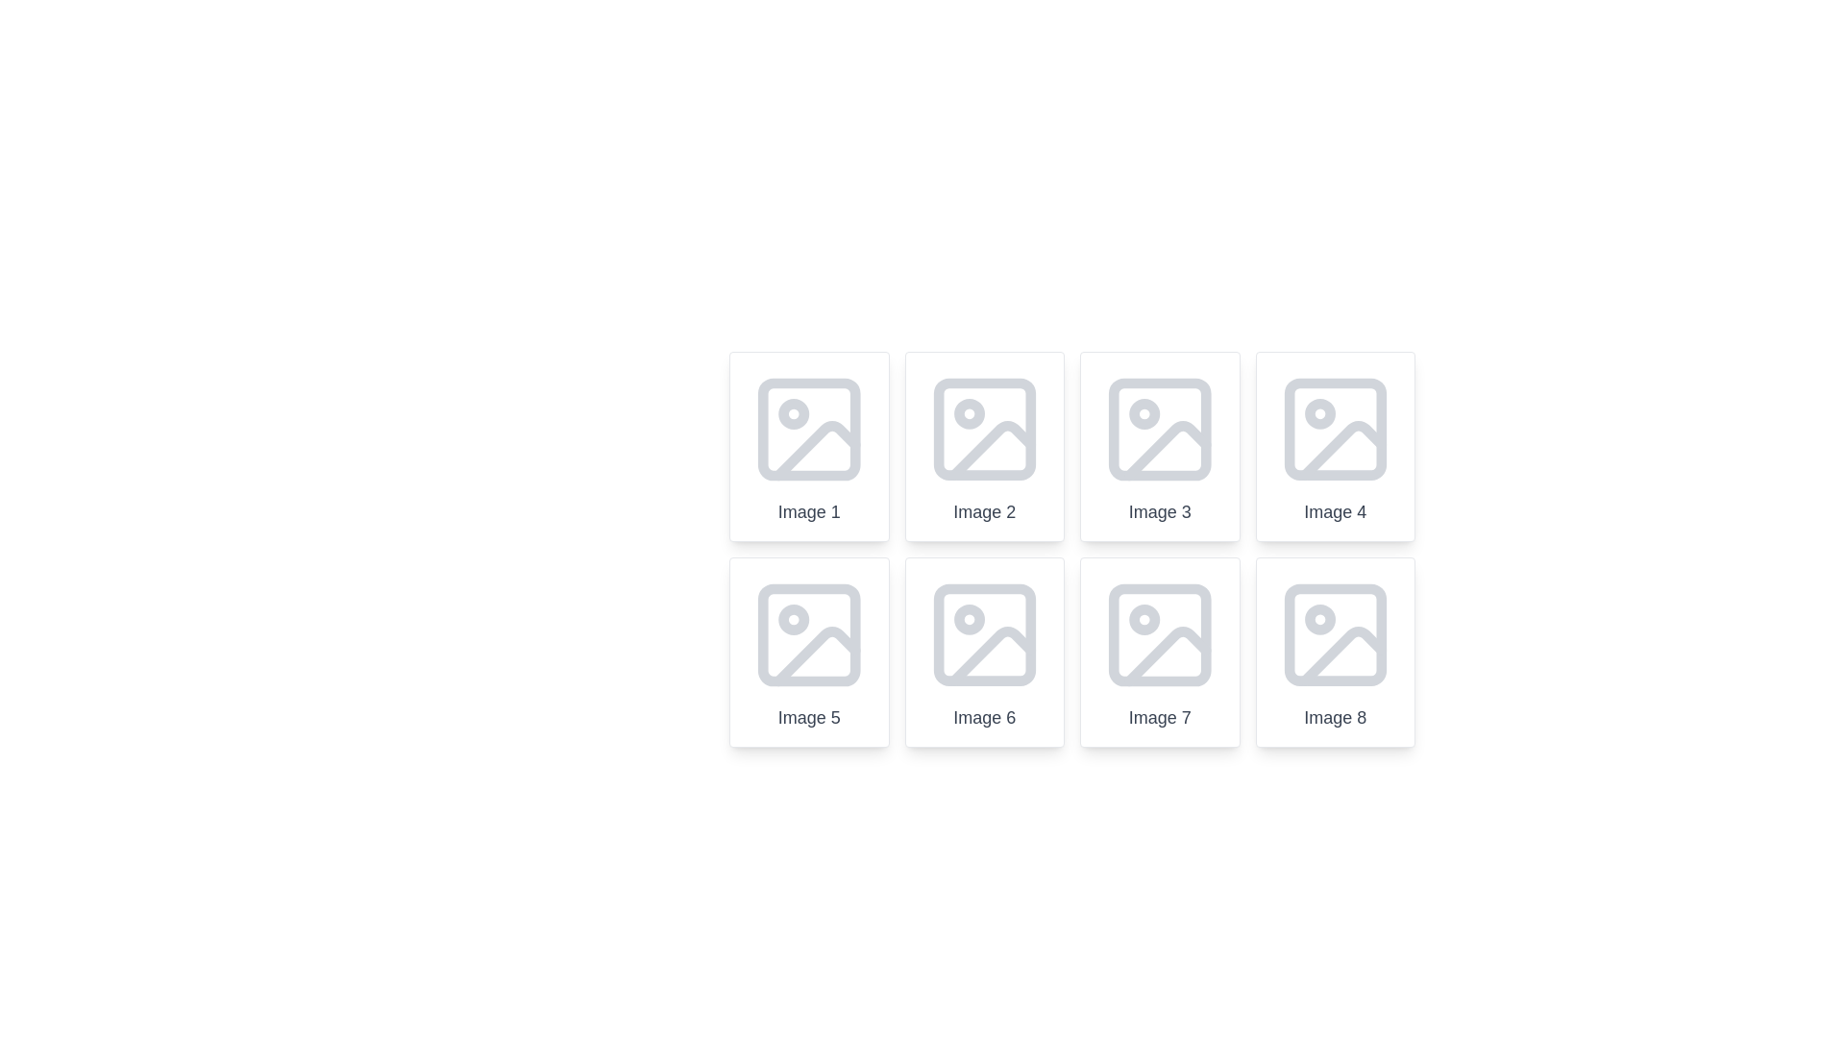 The height and width of the screenshot is (1038, 1845). What do you see at coordinates (809, 429) in the screenshot?
I see `the graphical square with rounded corners located within the 'Image 1' placeholder` at bounding box center [809, 429].